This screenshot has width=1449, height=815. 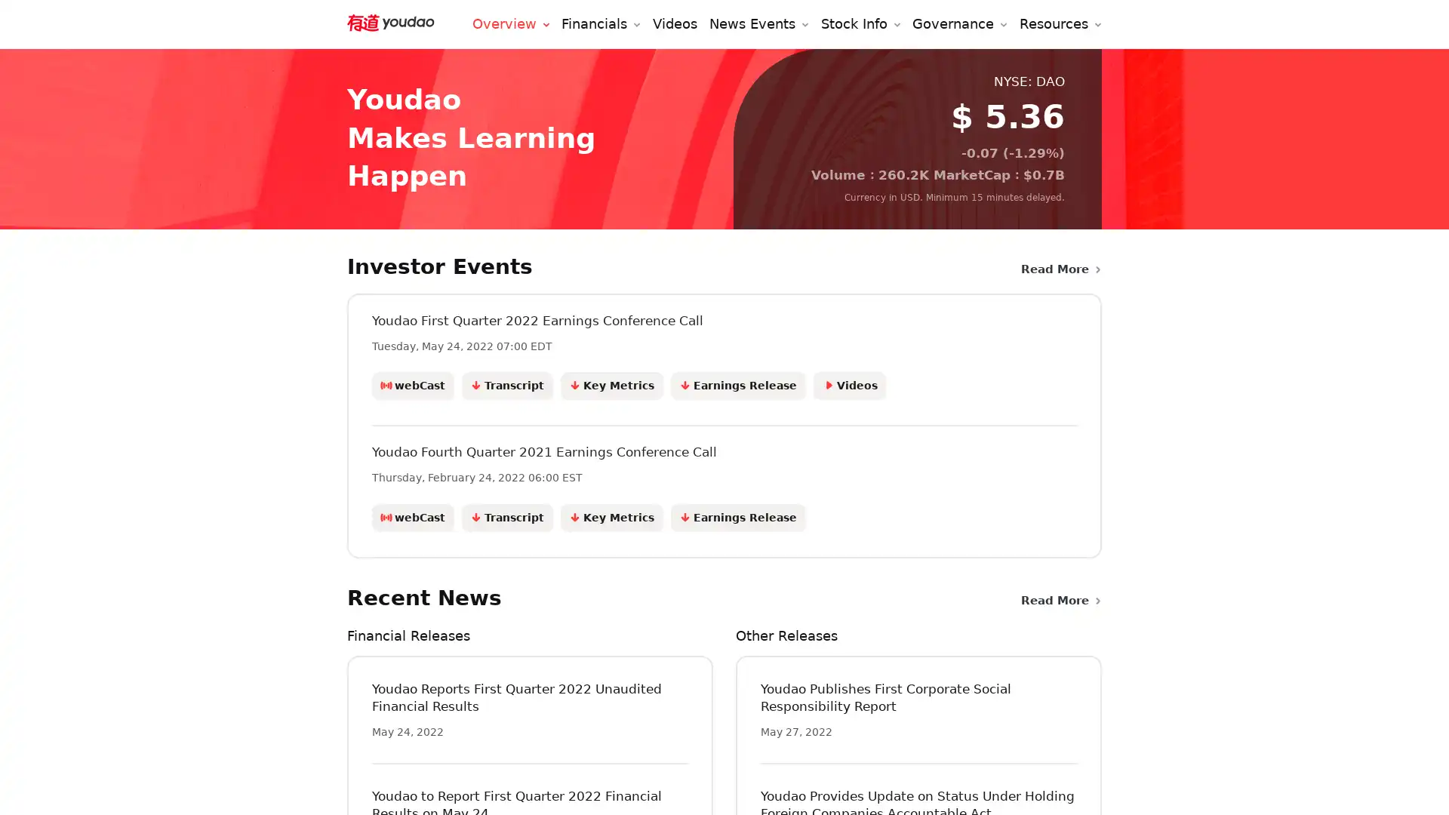 What do you see at coordinates (412, 516) in the screenshot?
I see `webCast` at bounding box center [412, 516].